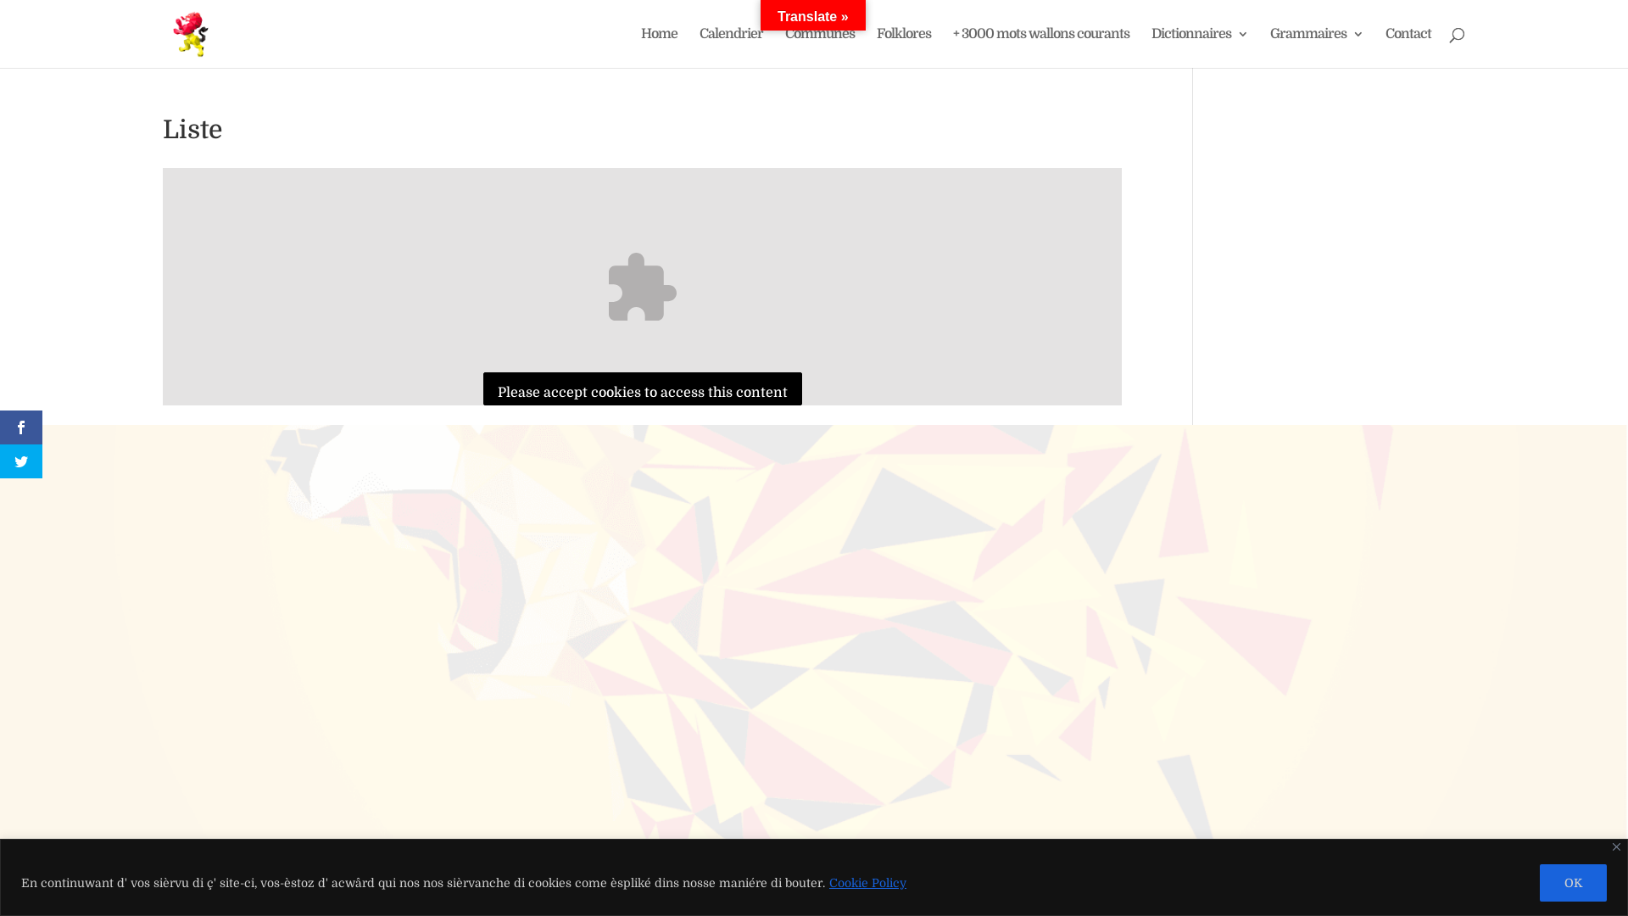  I want to click on 'Calendrier', so click(731, 47).